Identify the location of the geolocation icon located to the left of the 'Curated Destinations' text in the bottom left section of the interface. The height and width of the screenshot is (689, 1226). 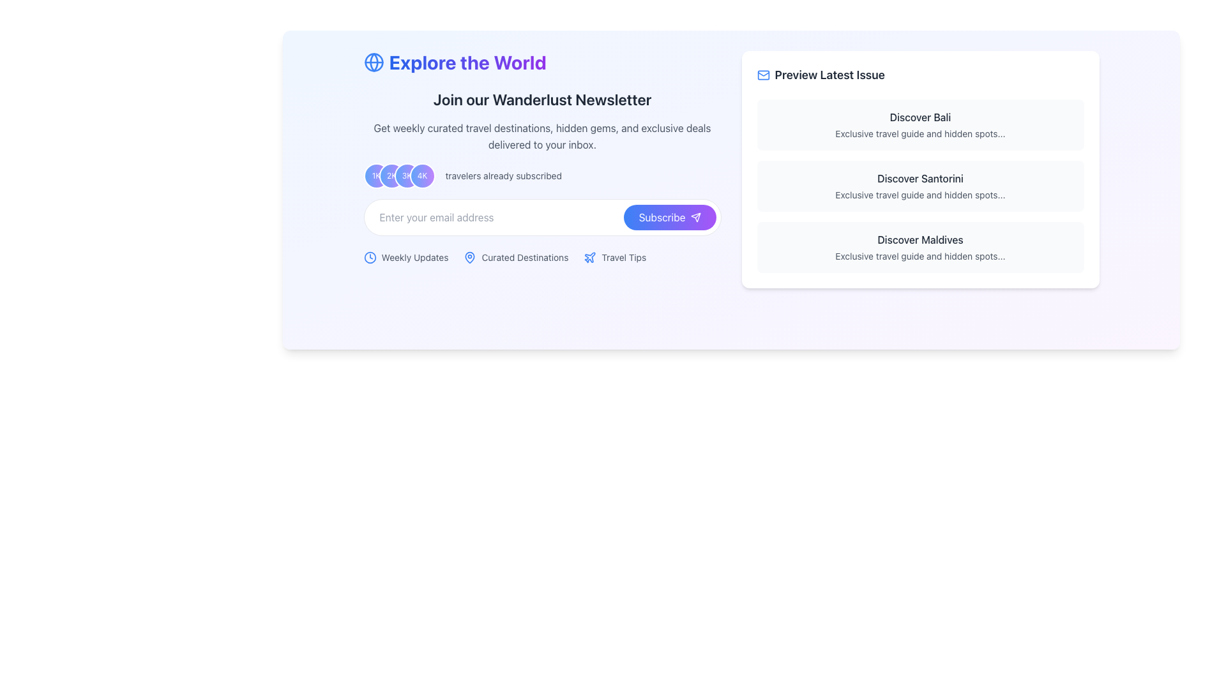
(469, 258).